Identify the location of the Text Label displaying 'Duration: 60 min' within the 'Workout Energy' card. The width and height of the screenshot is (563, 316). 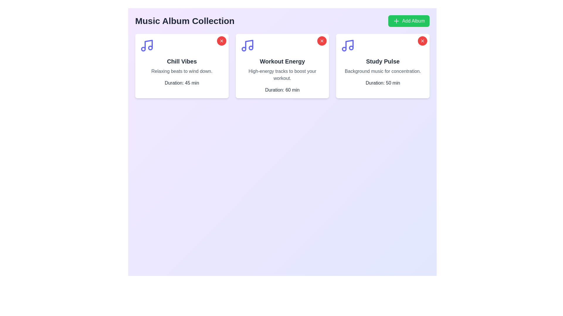
(282, 90).